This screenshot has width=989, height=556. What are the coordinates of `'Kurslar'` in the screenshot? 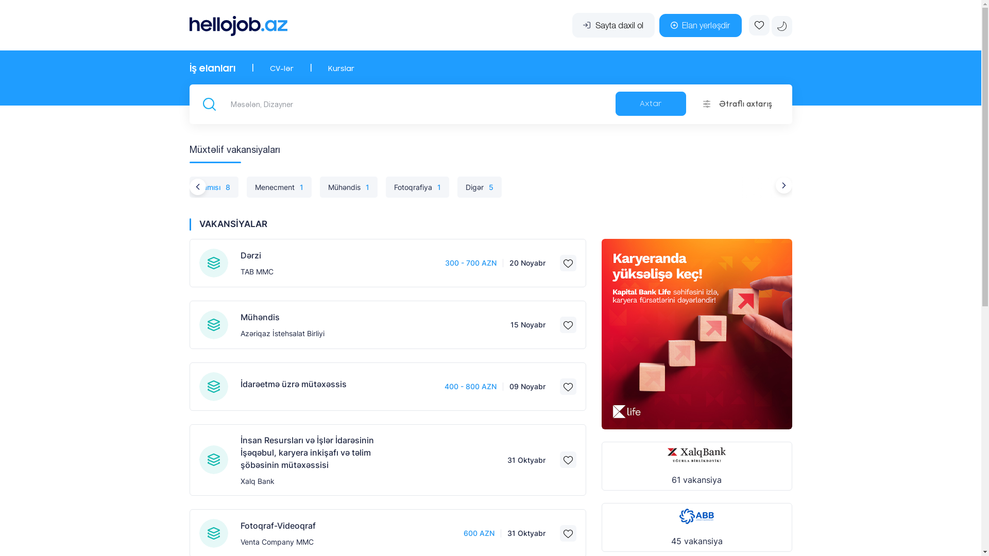 It's located at (340, 69).